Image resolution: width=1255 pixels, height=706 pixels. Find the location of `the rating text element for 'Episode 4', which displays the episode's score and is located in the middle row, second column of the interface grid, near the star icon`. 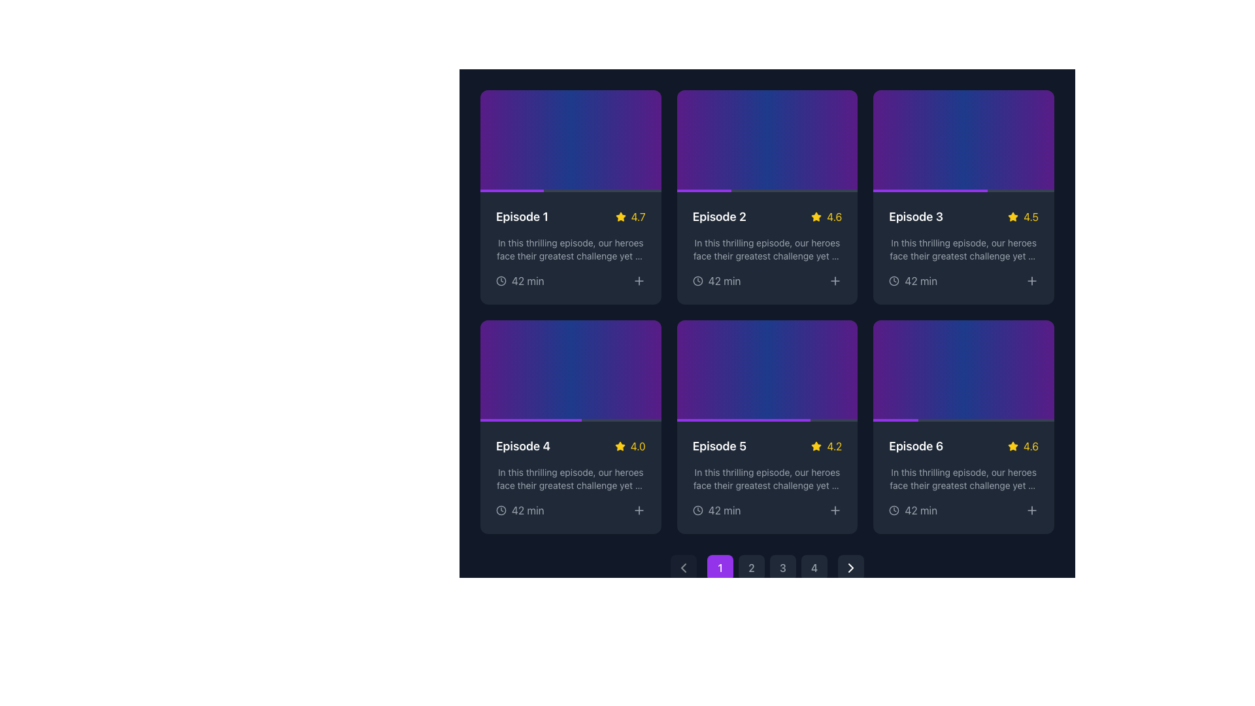

the rating text element for 'Episode 4', which displays the episode's score and is located in the middle row, second column of the interface grid, near the star icon is located at coordinates (638, 446).